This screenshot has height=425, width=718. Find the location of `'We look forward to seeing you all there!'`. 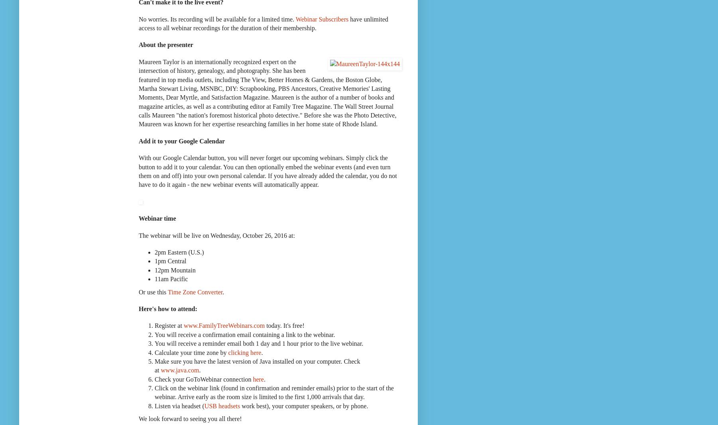

'We look forward to seeing you all there!' is located at coordinates (190, 419).